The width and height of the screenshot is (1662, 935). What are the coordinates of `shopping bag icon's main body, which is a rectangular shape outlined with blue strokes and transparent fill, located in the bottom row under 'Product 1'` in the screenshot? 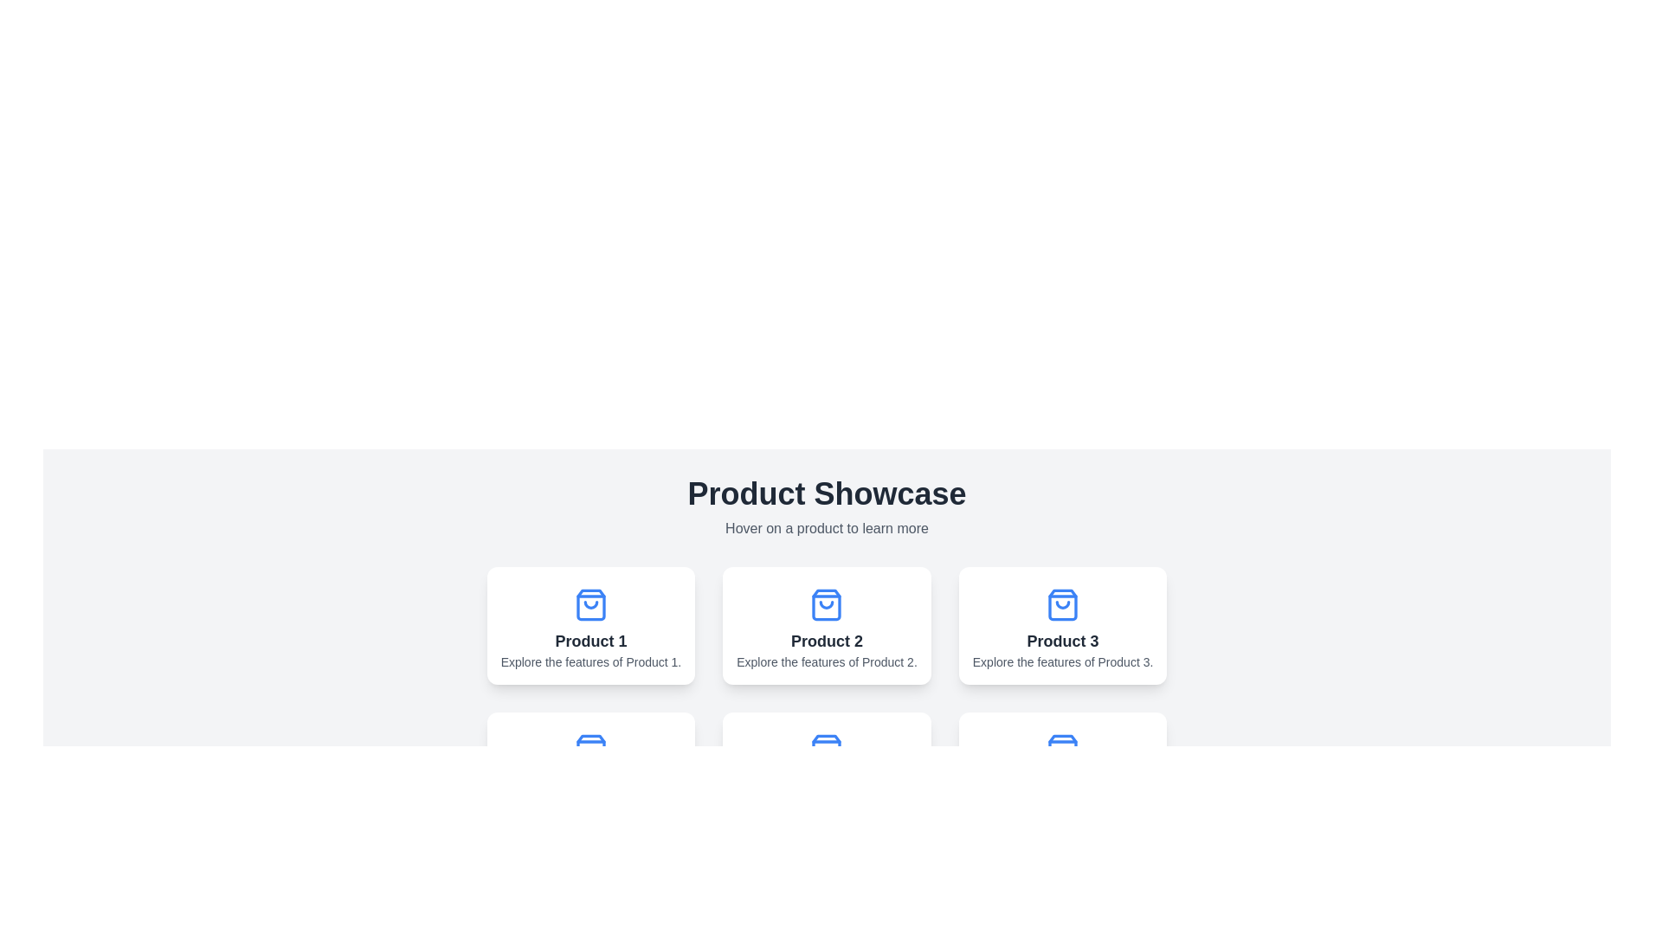 It's located at (590, 750).